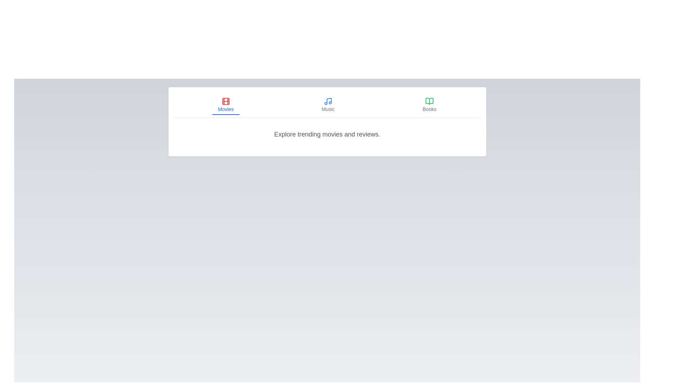  What do you see at coordinates (225, 105) in the screenshot?
I see `the tab labeled Movies to view its content` at bounding box center [225, 105].